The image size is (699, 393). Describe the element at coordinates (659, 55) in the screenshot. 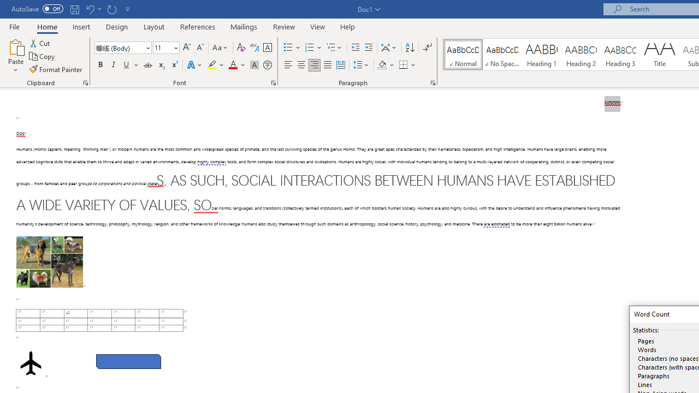

I see `'Title'` at that location.